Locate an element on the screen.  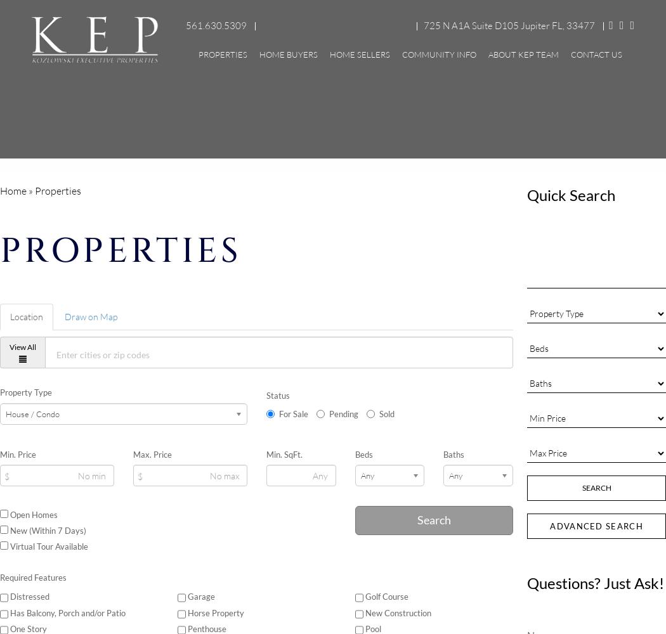
'Search' is located at coordinates (433, 519).